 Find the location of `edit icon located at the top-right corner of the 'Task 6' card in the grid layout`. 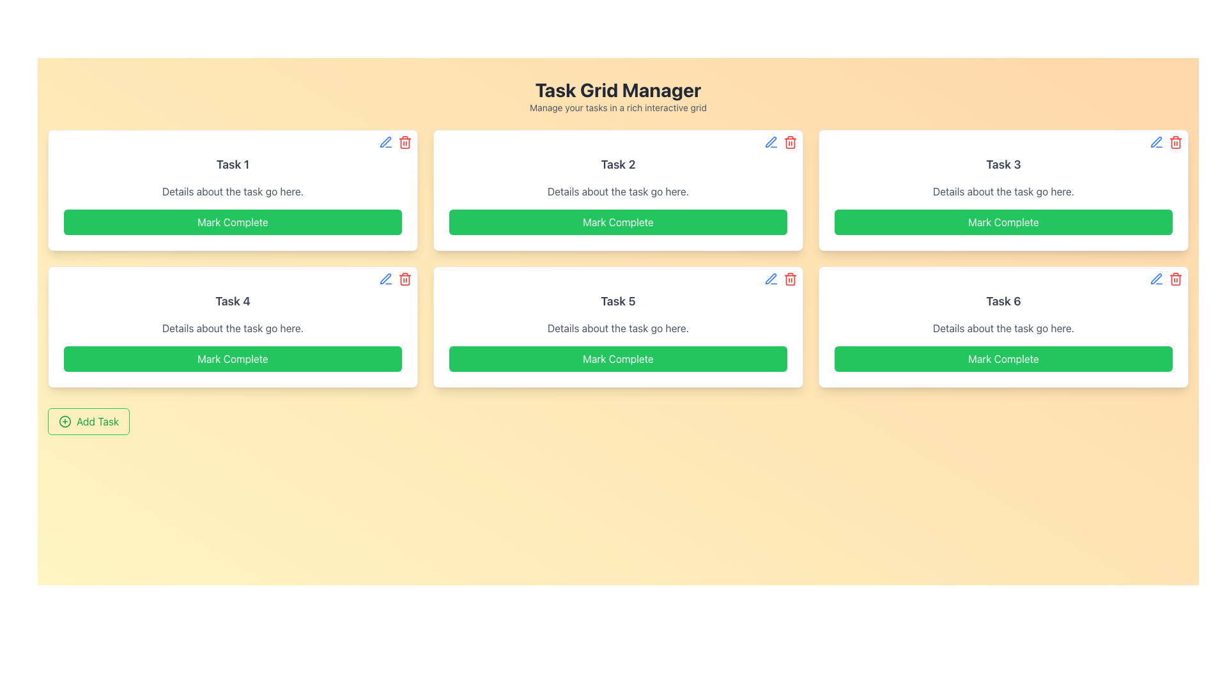

edit icon located at the top-right corner of the 'Task 6' card in the grid layout is located at coordinates (1156, 278).